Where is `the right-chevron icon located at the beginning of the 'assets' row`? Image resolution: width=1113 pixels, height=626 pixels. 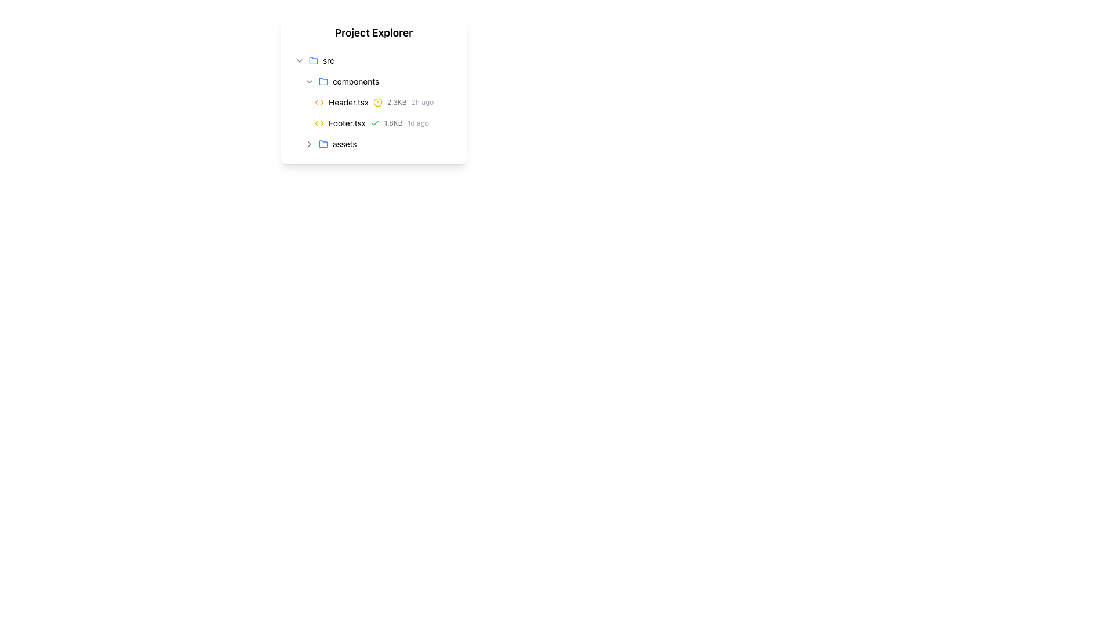
the right-chevron icon located at the beginning of the 'assets' row is located at coordinates (309, 144).